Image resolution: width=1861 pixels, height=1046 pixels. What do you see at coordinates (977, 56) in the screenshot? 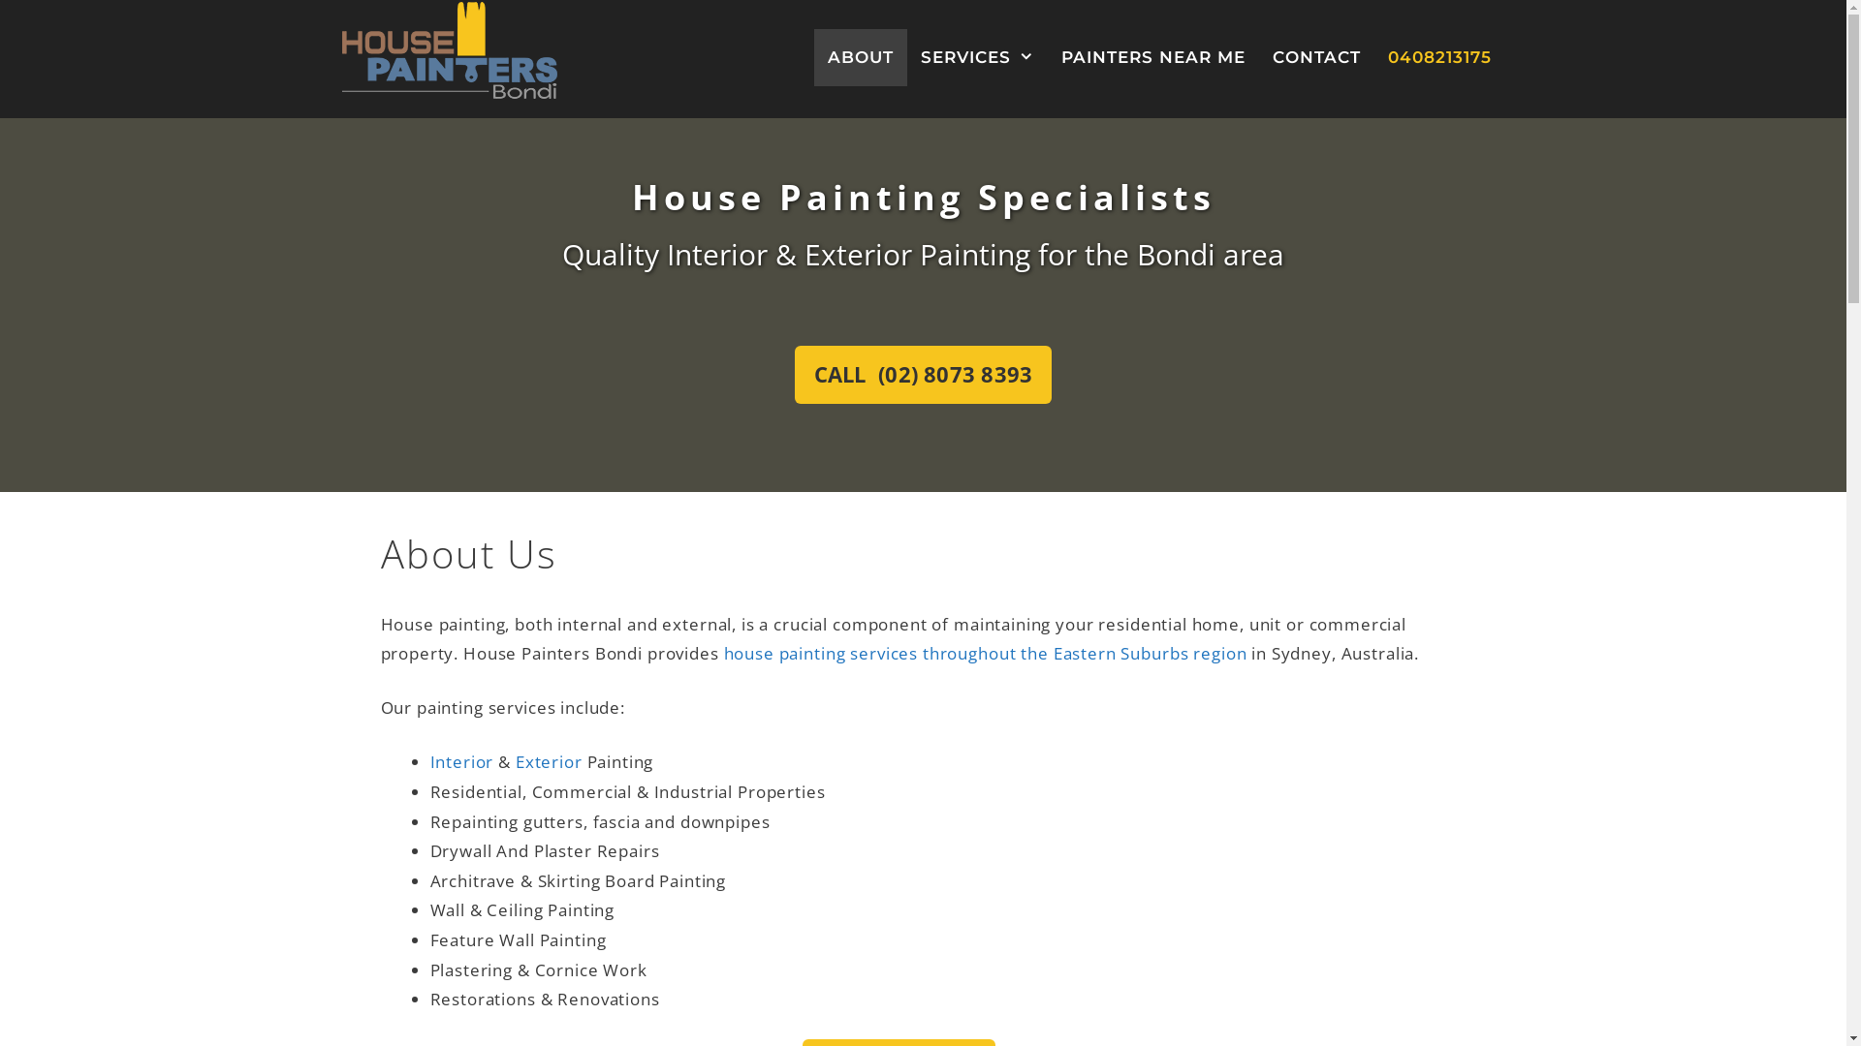
I see `'SERVICES'` at bounding box center [977, 56].